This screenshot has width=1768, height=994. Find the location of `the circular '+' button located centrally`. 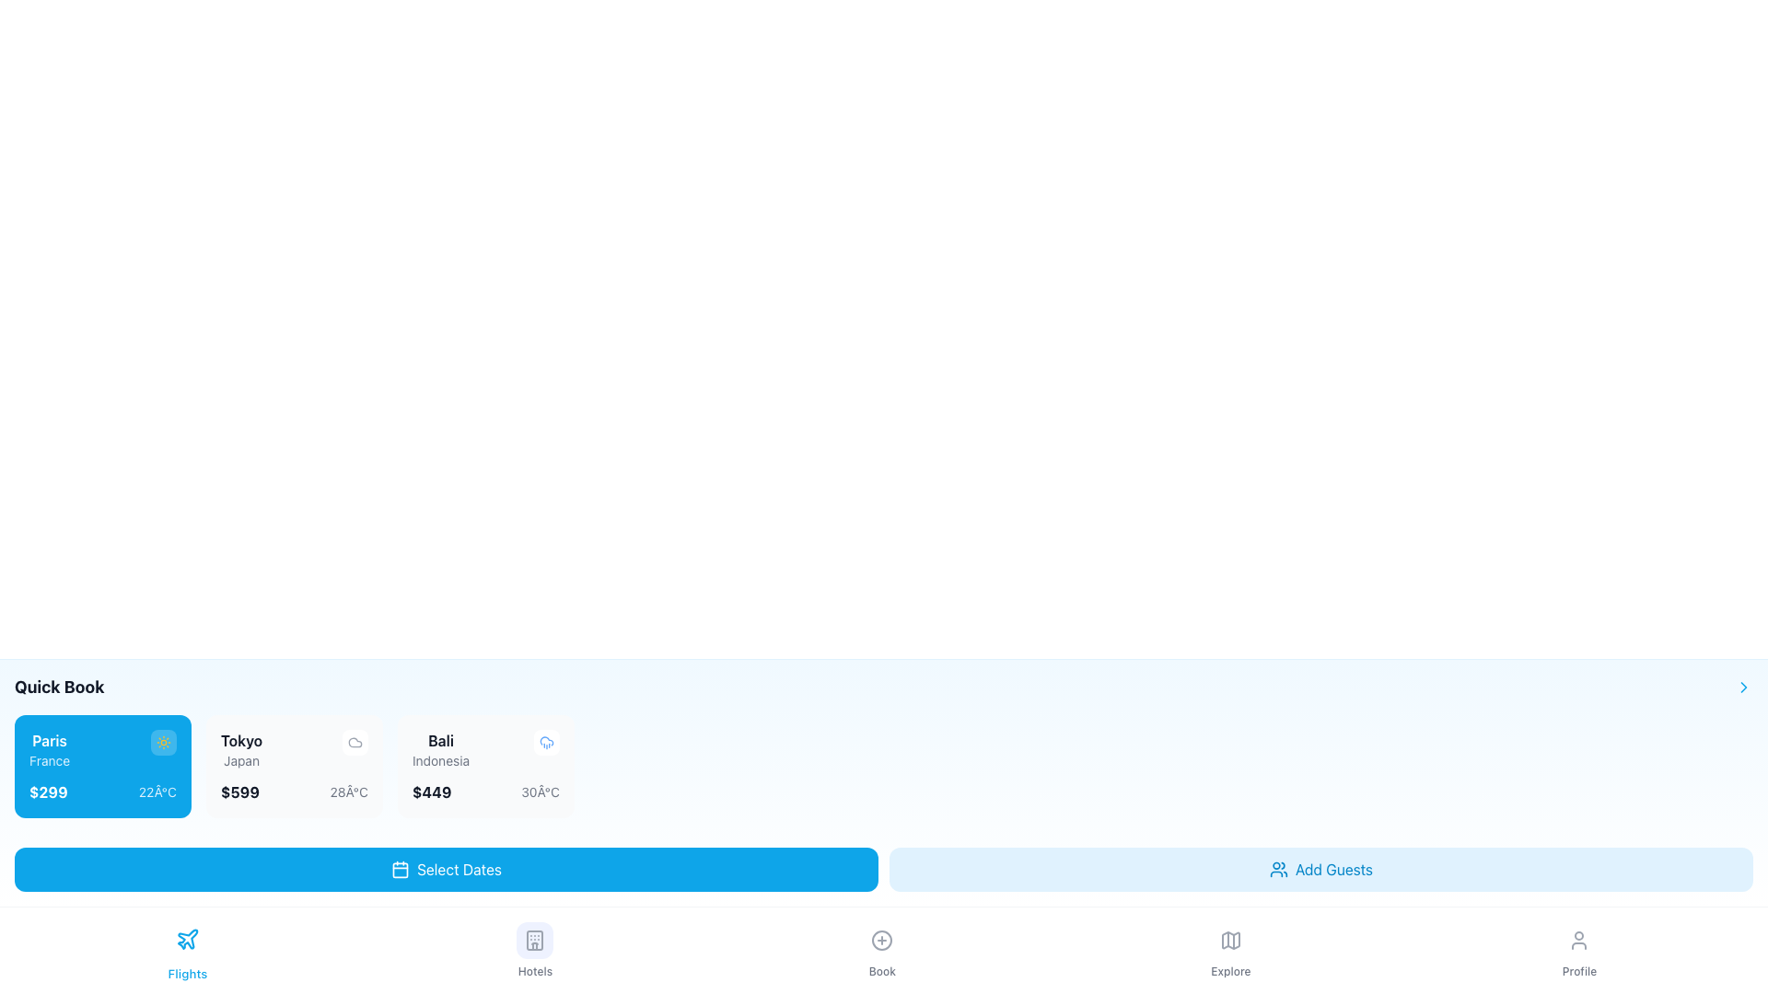

the circular '+' button located centrally is located at coordinates (881, 951).